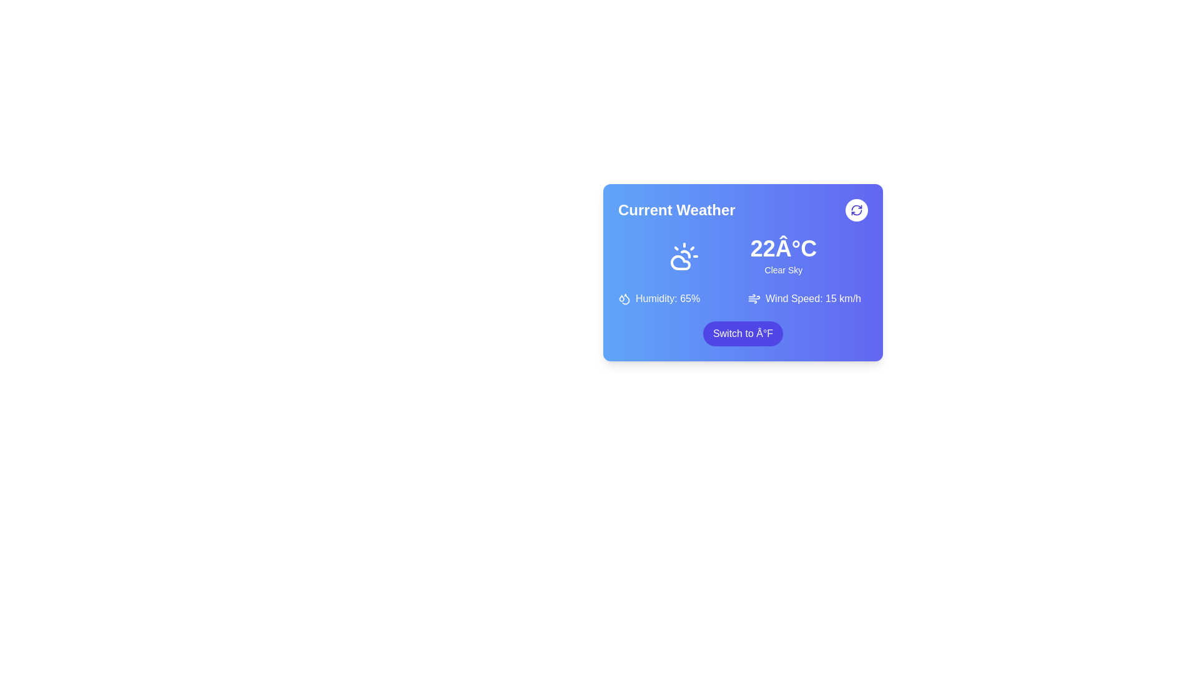  I want to click on the Static Content Section displaying the current temperature '22°C' and weather condition 'Clear Sky' within the 'Current Weather' card, so click(743, 256).